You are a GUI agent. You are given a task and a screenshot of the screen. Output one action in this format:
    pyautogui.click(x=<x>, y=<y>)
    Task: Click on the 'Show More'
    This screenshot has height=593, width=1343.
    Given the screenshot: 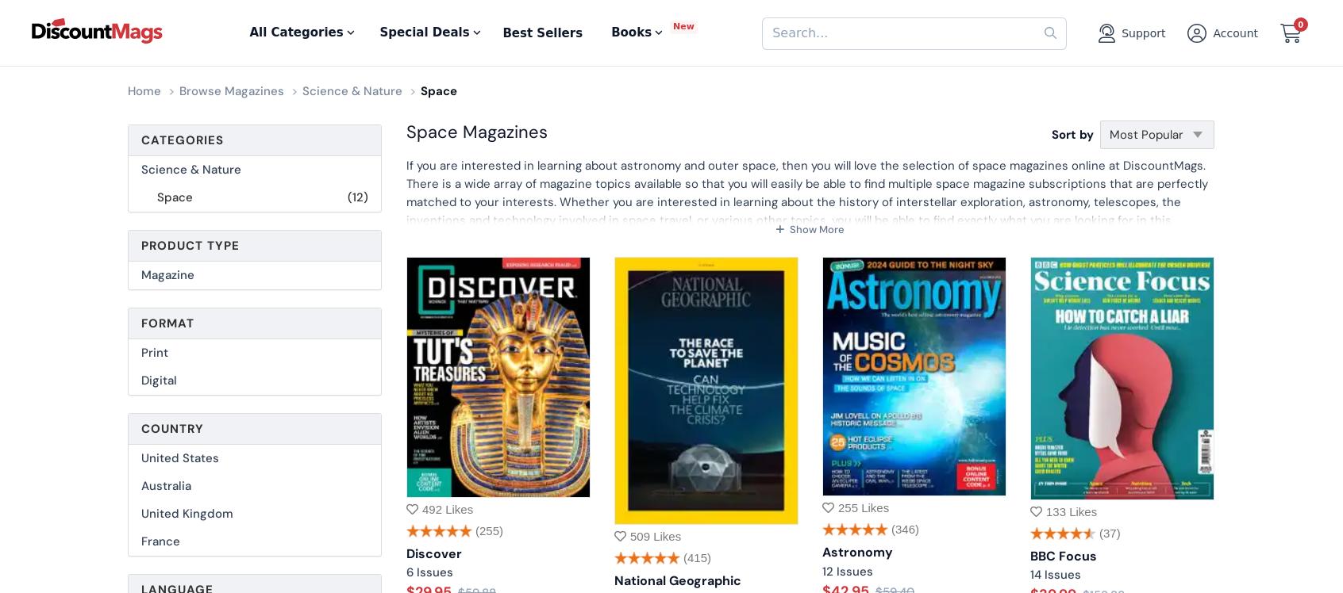 What is the action you would take?
    pyautogui.click(x=787, y=229)
    